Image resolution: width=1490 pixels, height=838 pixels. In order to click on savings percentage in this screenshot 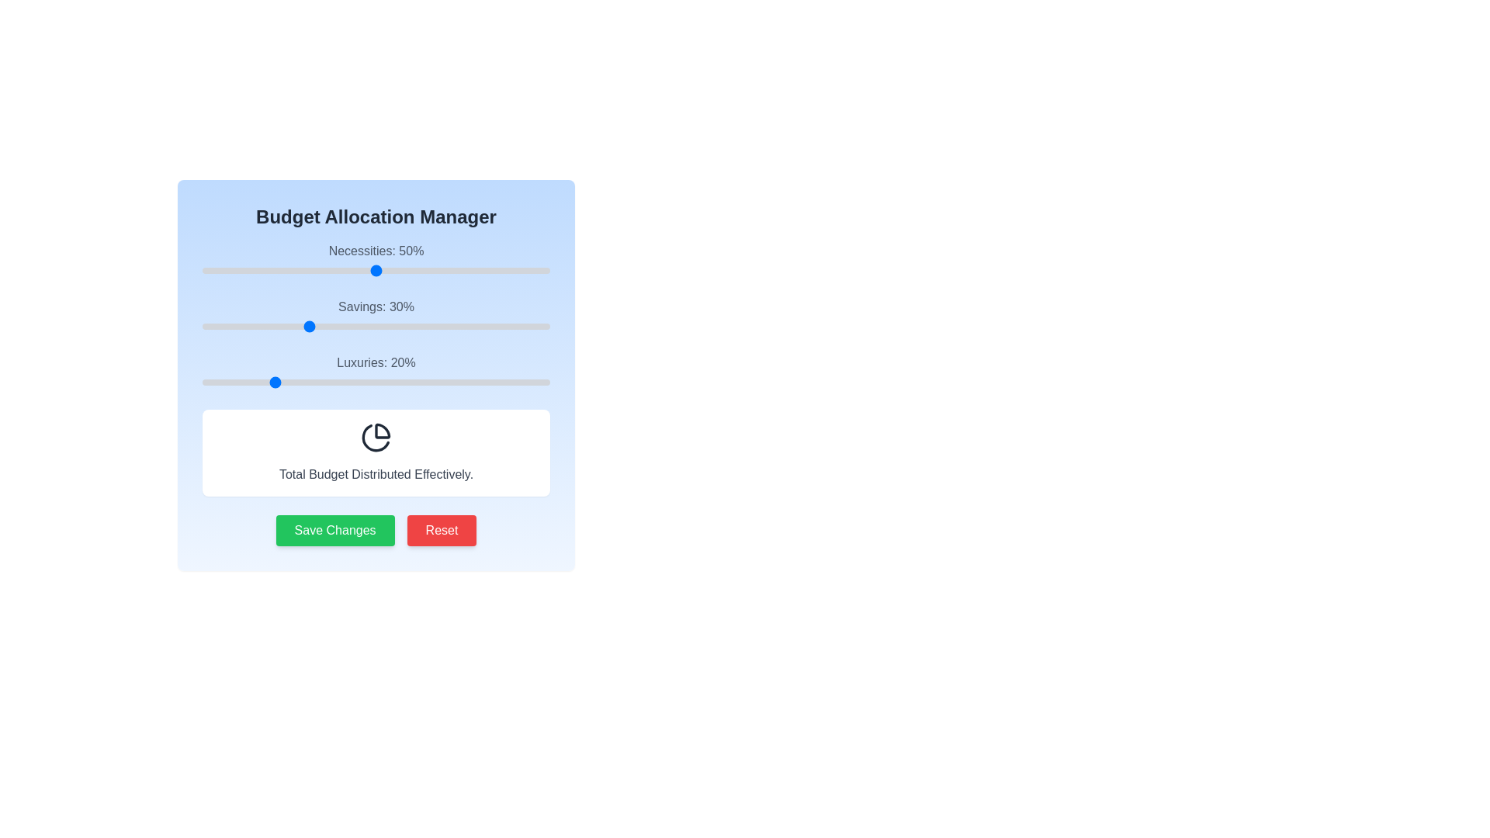, I will do `click(393, 325)`.